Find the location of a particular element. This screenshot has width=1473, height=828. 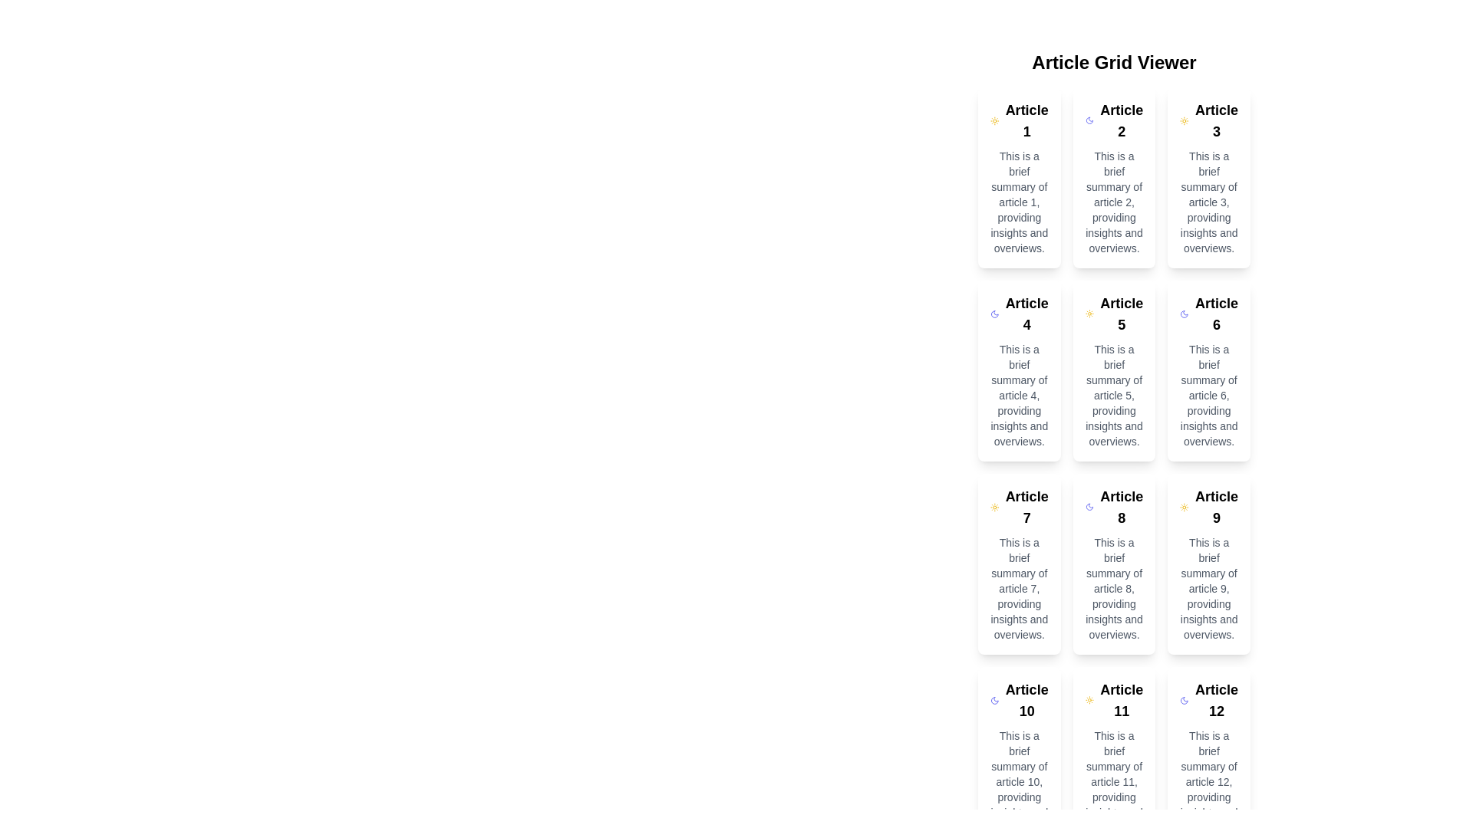

the Text label in the fifth card indicating 'Article 5', located in the second row and second column, just beneath a sun icon is located at coordinates (1122, 313).